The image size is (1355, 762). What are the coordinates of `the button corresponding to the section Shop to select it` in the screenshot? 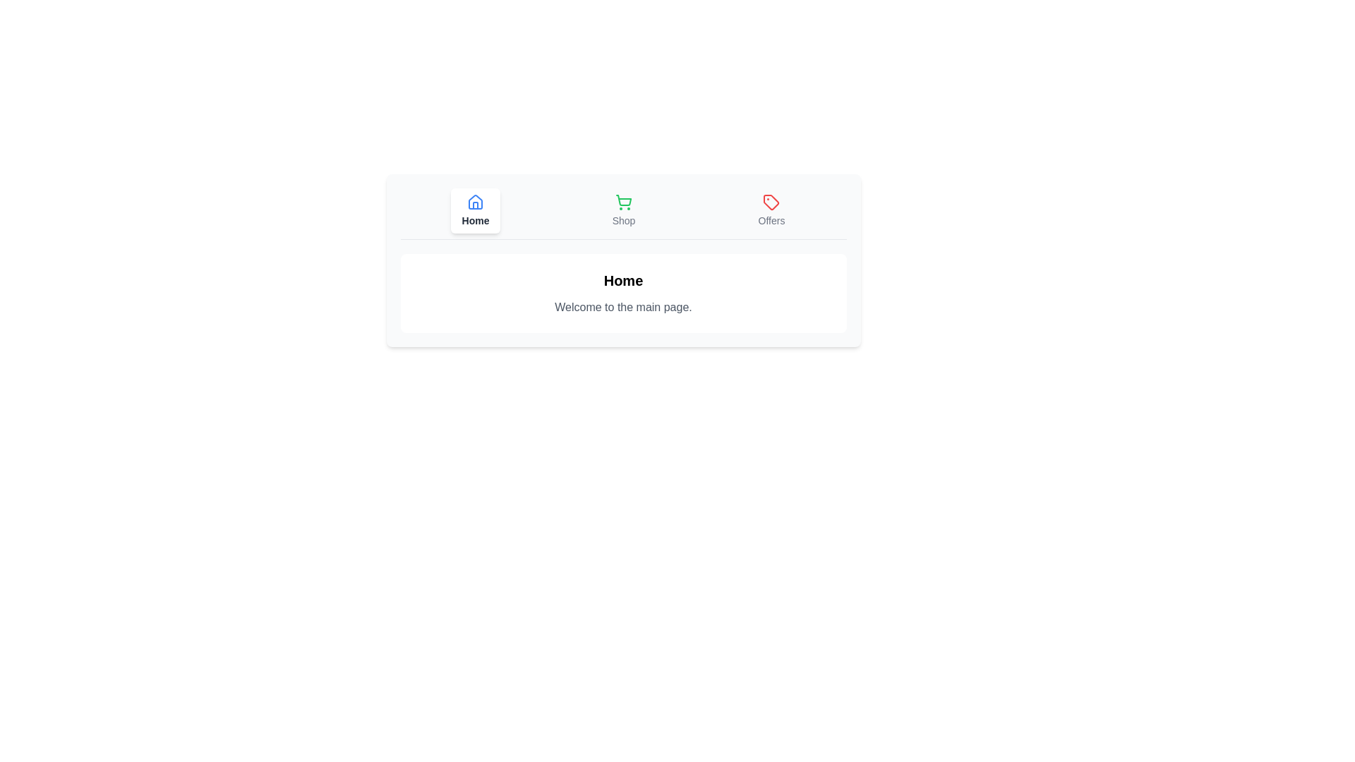 It's located at (622, 211).